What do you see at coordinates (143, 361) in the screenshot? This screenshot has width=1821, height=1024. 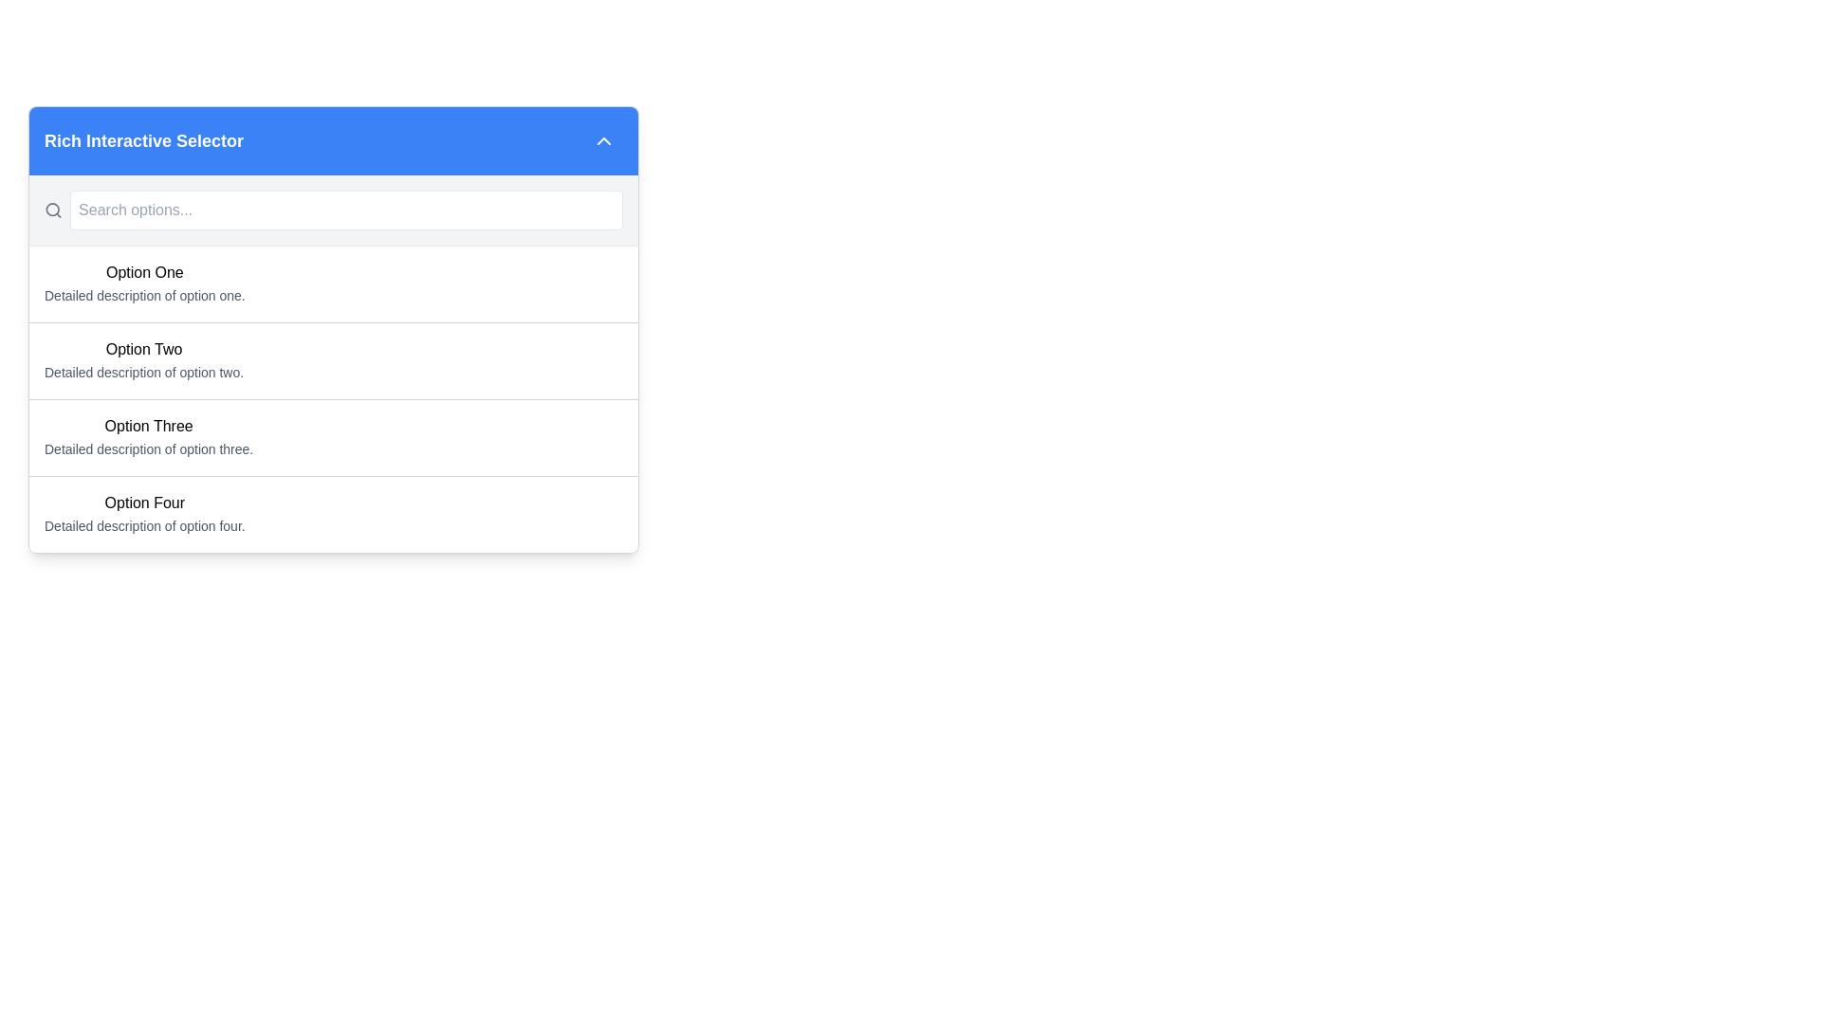 I see `the list item labeled 'Option Two'` at bounding box center [143, 361].